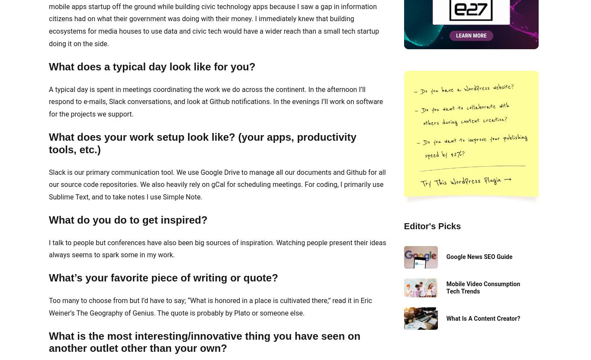 This screenshot has height=360, width=591. What do you see at coordinates (432, 226) in the screenshot?
I see `'Editor's Picks'` at bounding box center [432, 226].